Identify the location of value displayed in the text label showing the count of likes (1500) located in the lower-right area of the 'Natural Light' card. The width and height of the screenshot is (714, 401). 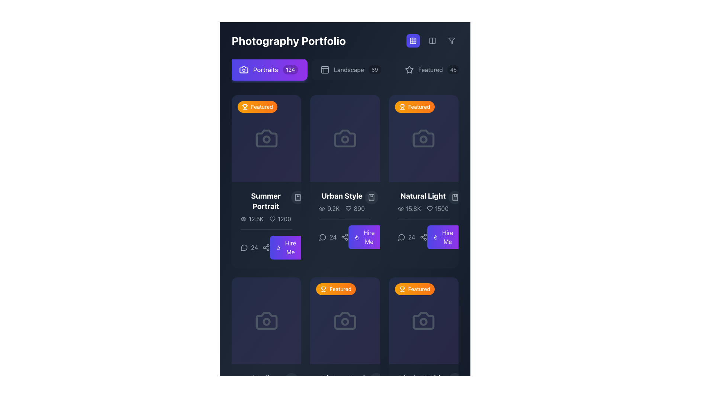
(437, 209).